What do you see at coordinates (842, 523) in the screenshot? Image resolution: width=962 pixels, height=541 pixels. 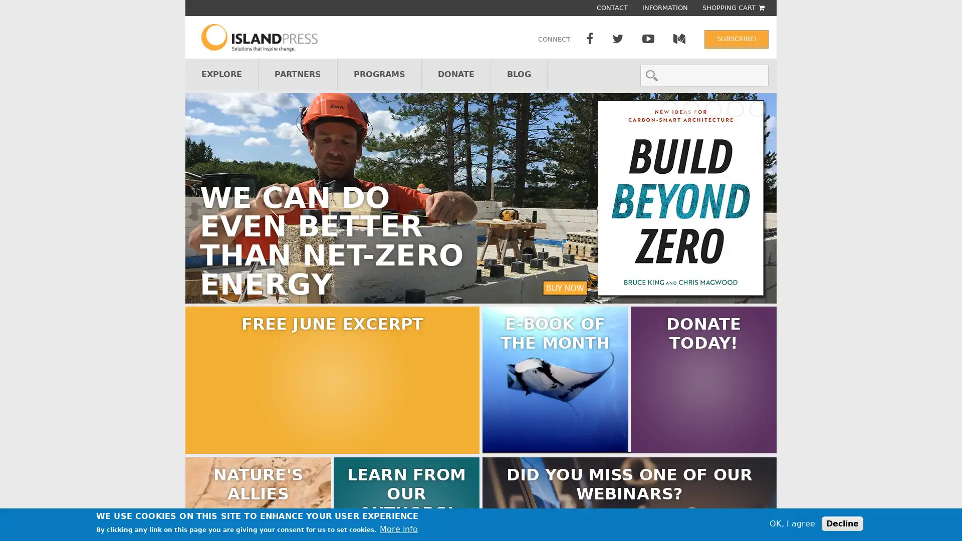 I see `Decline` at bounding box center [842, 523].